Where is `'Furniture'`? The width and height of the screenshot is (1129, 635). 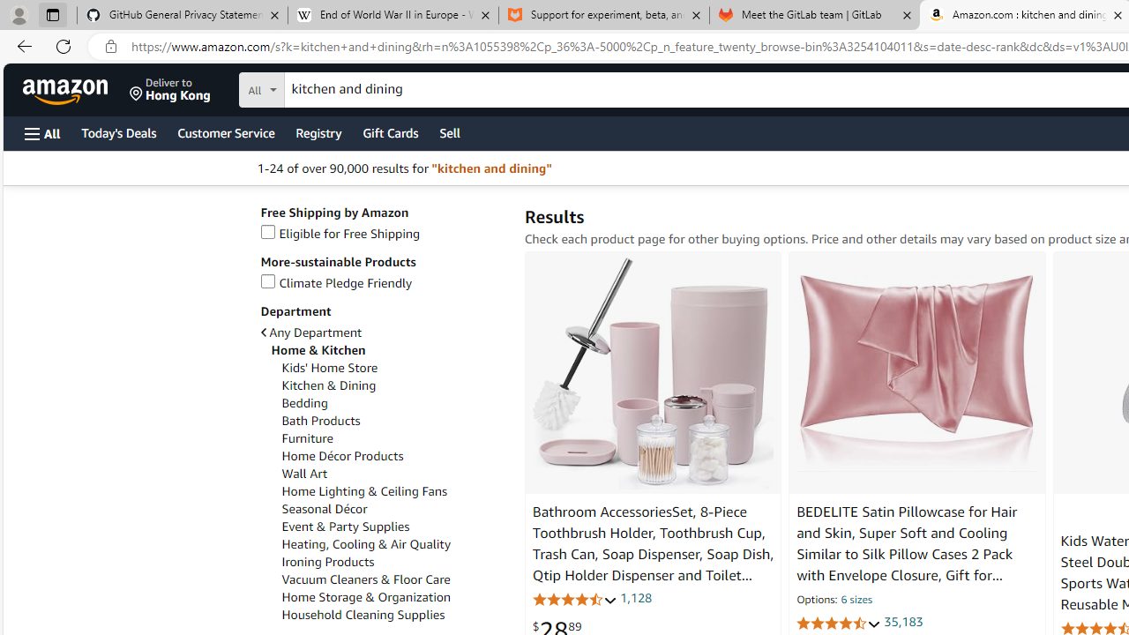 'Furniture' is located at coordinates (307, 437).